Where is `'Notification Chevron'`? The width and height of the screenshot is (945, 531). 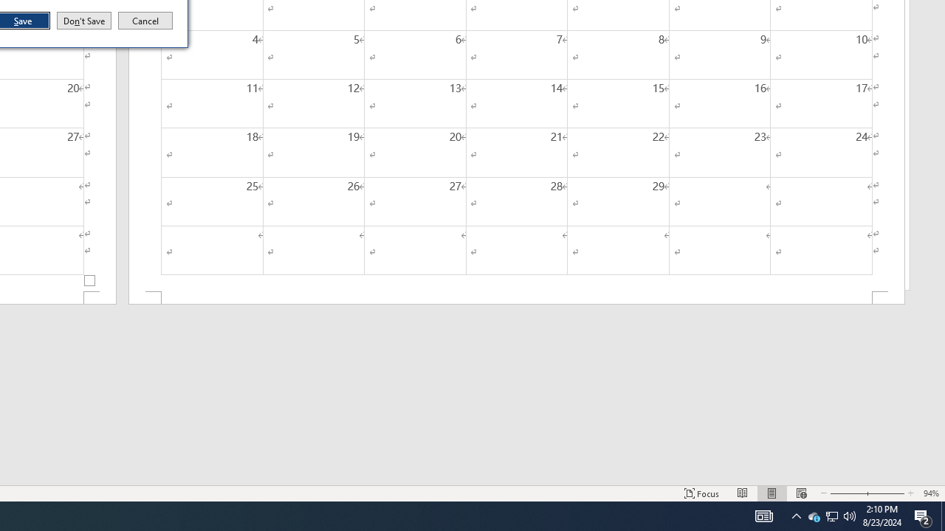 'Notification Chevron' is located at coordinates (813, 515).